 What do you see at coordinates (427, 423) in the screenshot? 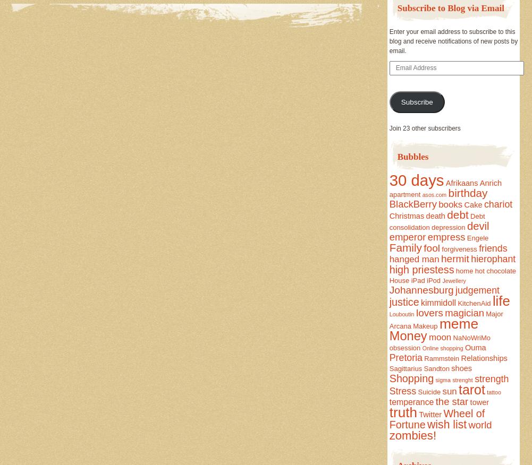
I see `'wish list'` at bounding box center [427, 423].